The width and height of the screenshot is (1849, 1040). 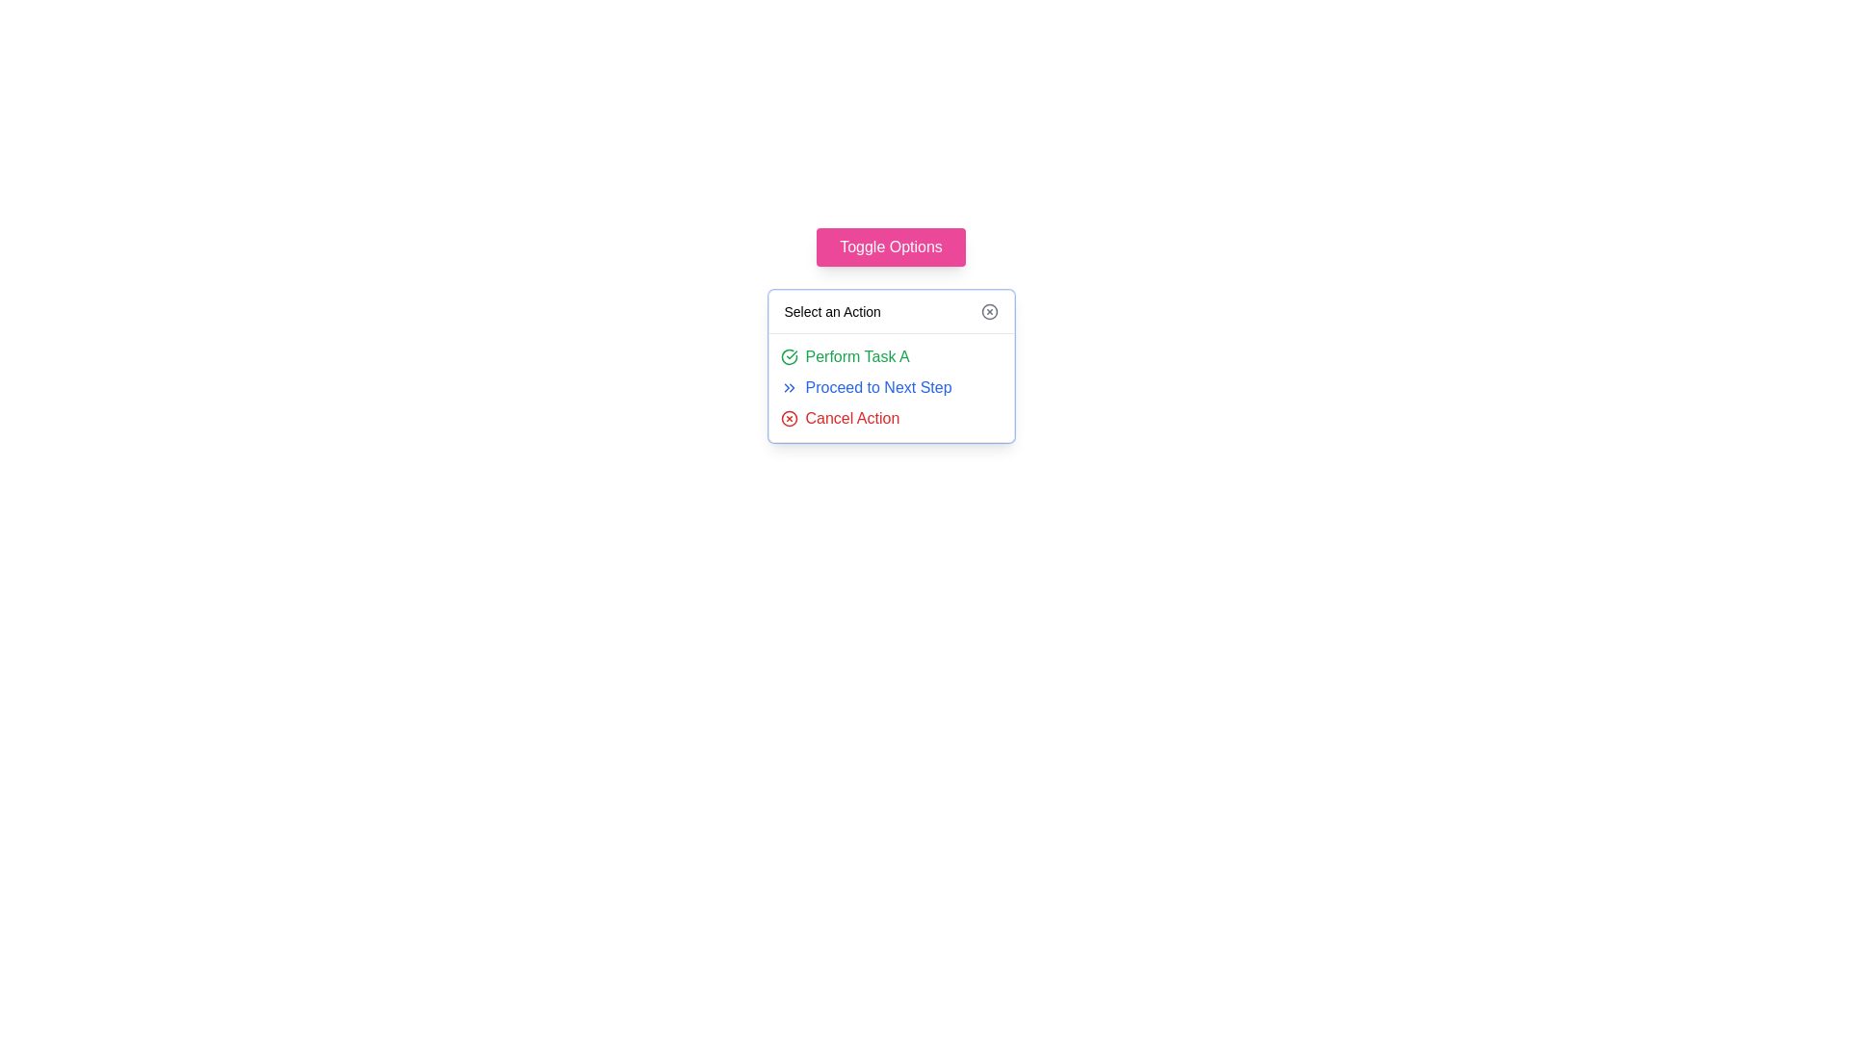 I want to click on the icon composed of two right-pointing chevron shapes that is located to the left of the 'Proceed to Next Step' text in the dropdown menu below the 'Toggle Options' button, so click(x=789, y=387).